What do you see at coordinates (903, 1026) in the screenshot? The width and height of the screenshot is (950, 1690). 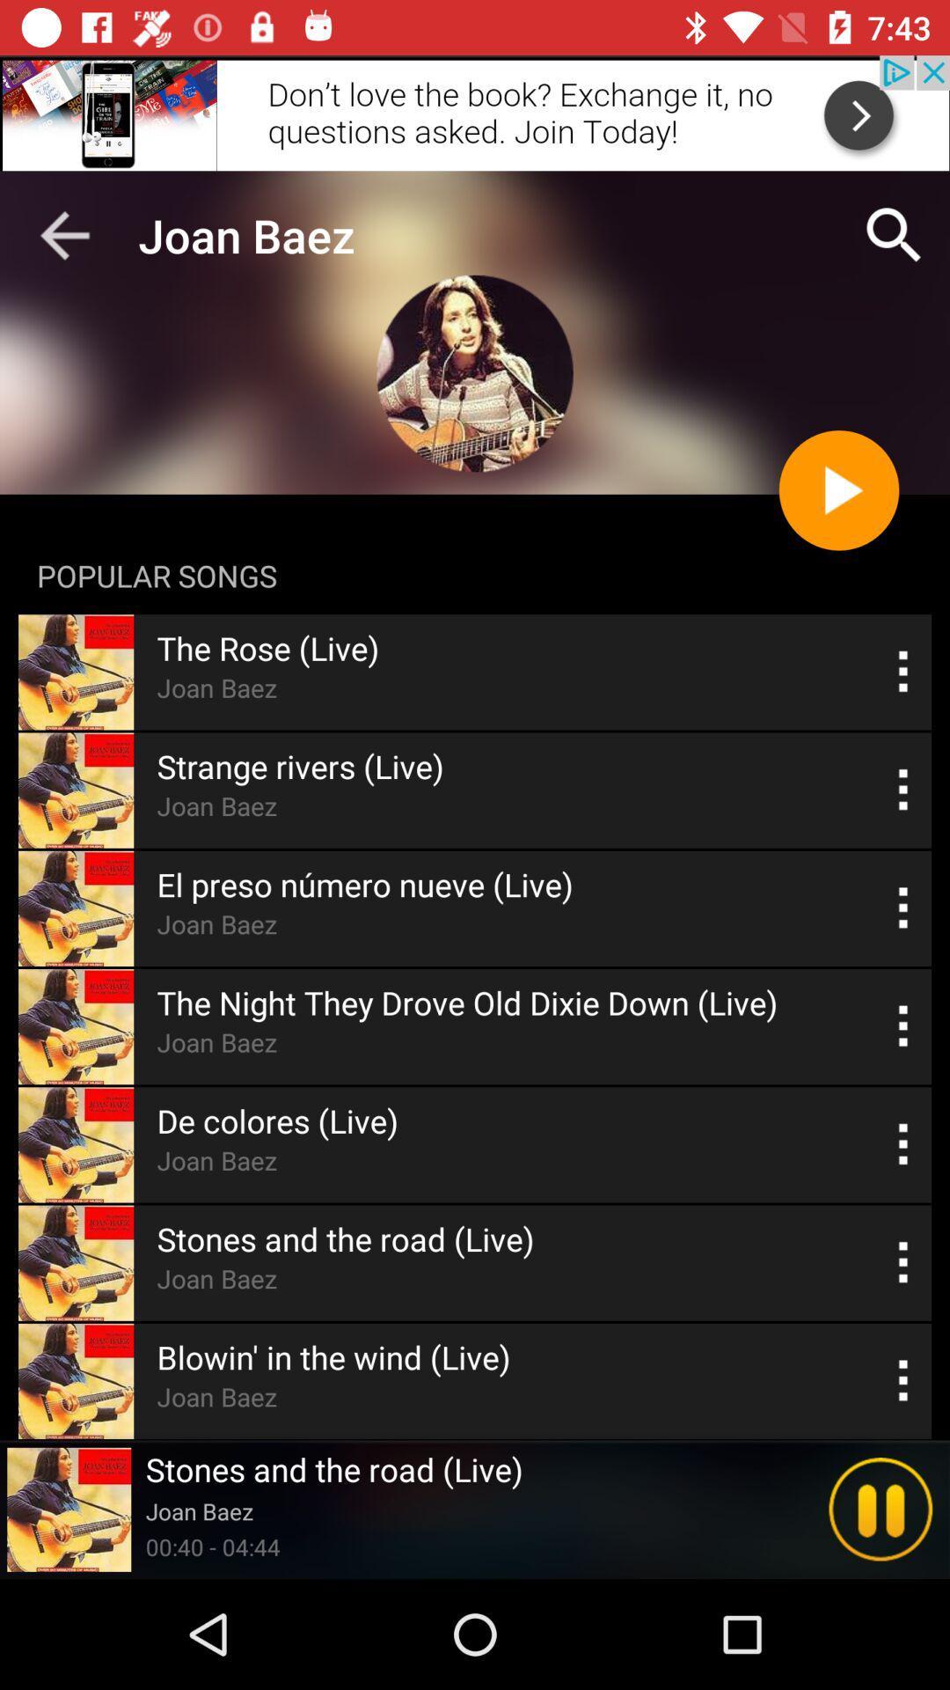 I see `the more icon` at bounding box center [903, 1026].